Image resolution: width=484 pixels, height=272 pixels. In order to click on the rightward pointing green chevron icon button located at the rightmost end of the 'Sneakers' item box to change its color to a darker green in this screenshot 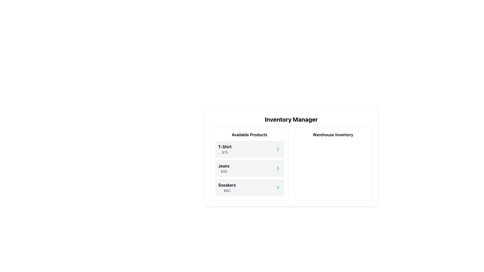, I will do `click(278, 187)`.